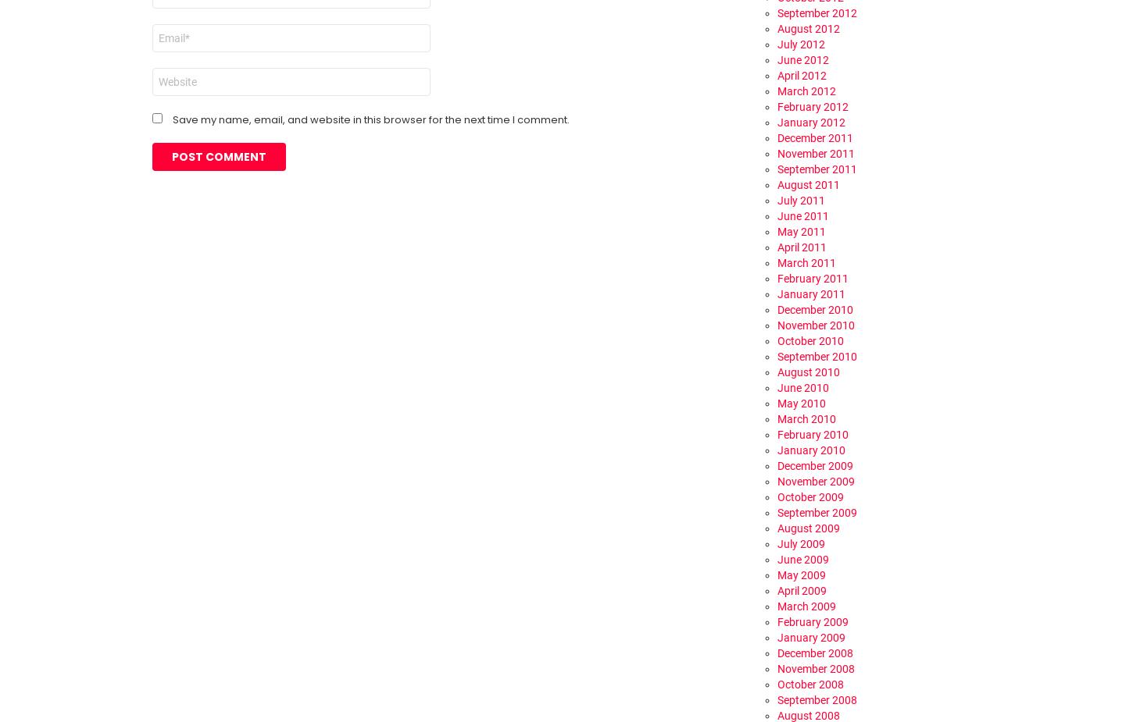 This screenshot has height=722, width=1133. Describe the element at coordinates (802, 402) in the screenshot. I see `'May 2010'` at that location.